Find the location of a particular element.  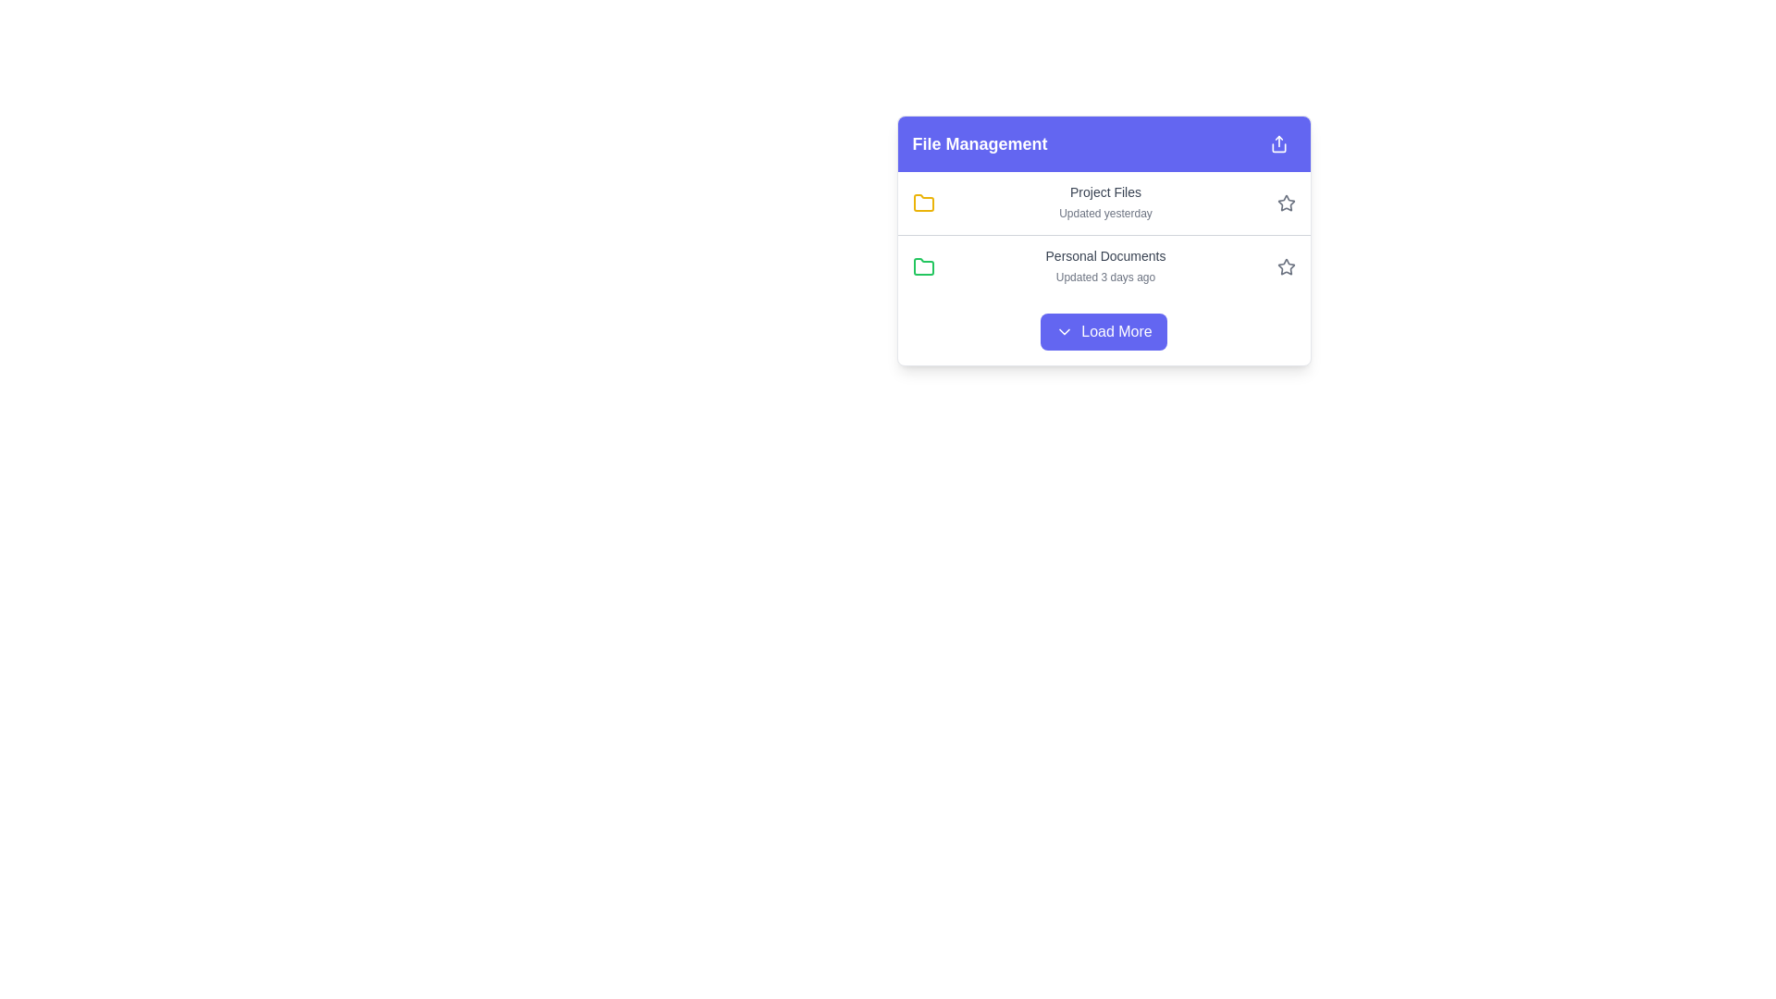

the 'Personal Documents' label in the File Management section to focus or select the associated folder is located at coordinates (1105, 267).